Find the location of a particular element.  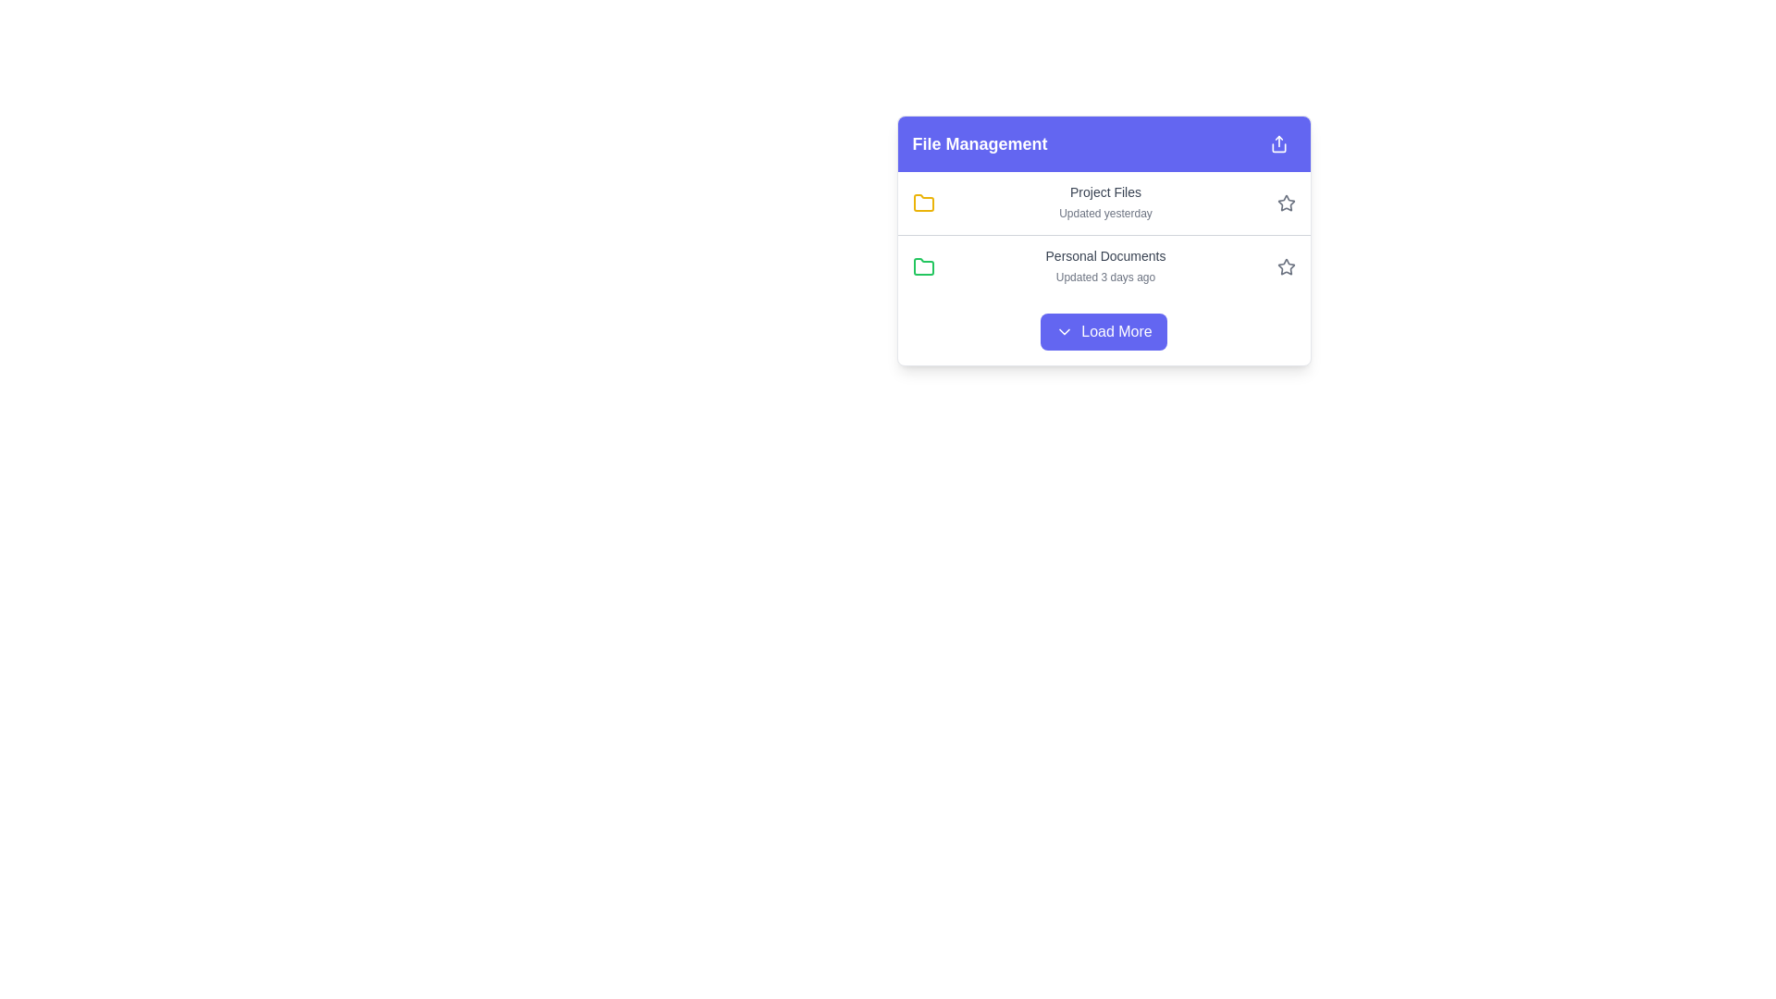

the 'Personal Documents' label in the File Management section to focus or select the associated folder is located at coordinates (1105, 267).